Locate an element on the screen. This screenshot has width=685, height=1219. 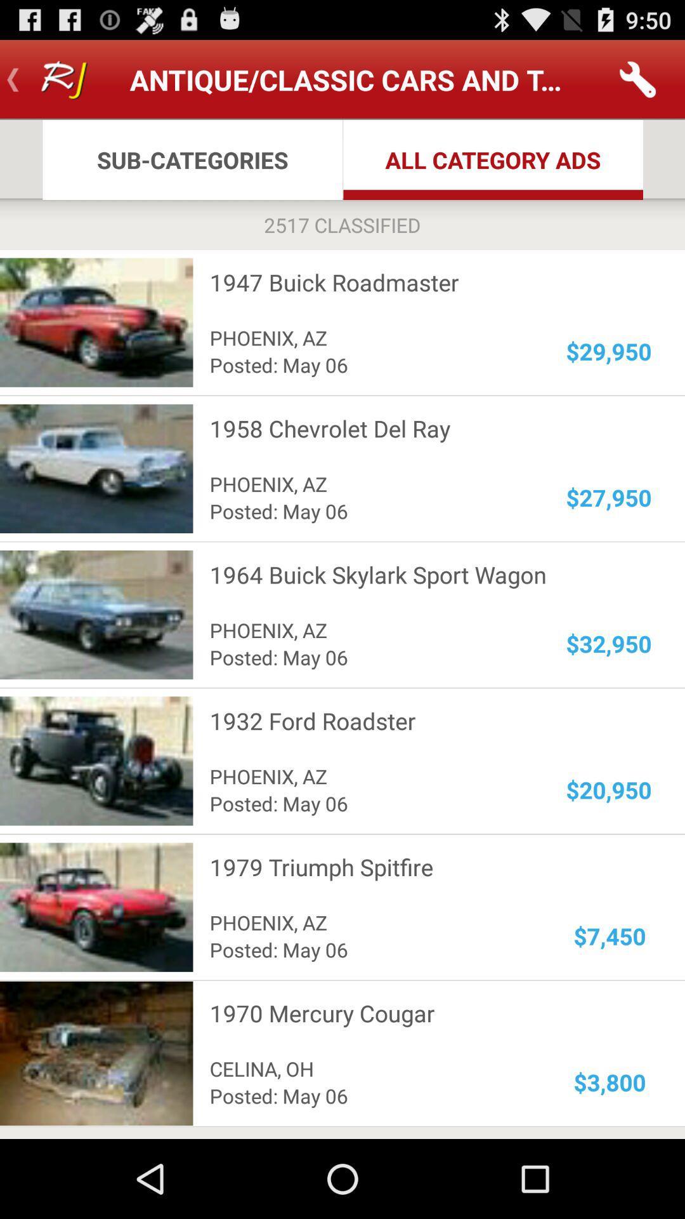
app above all category ads icon is located at coordinates (638, 79).